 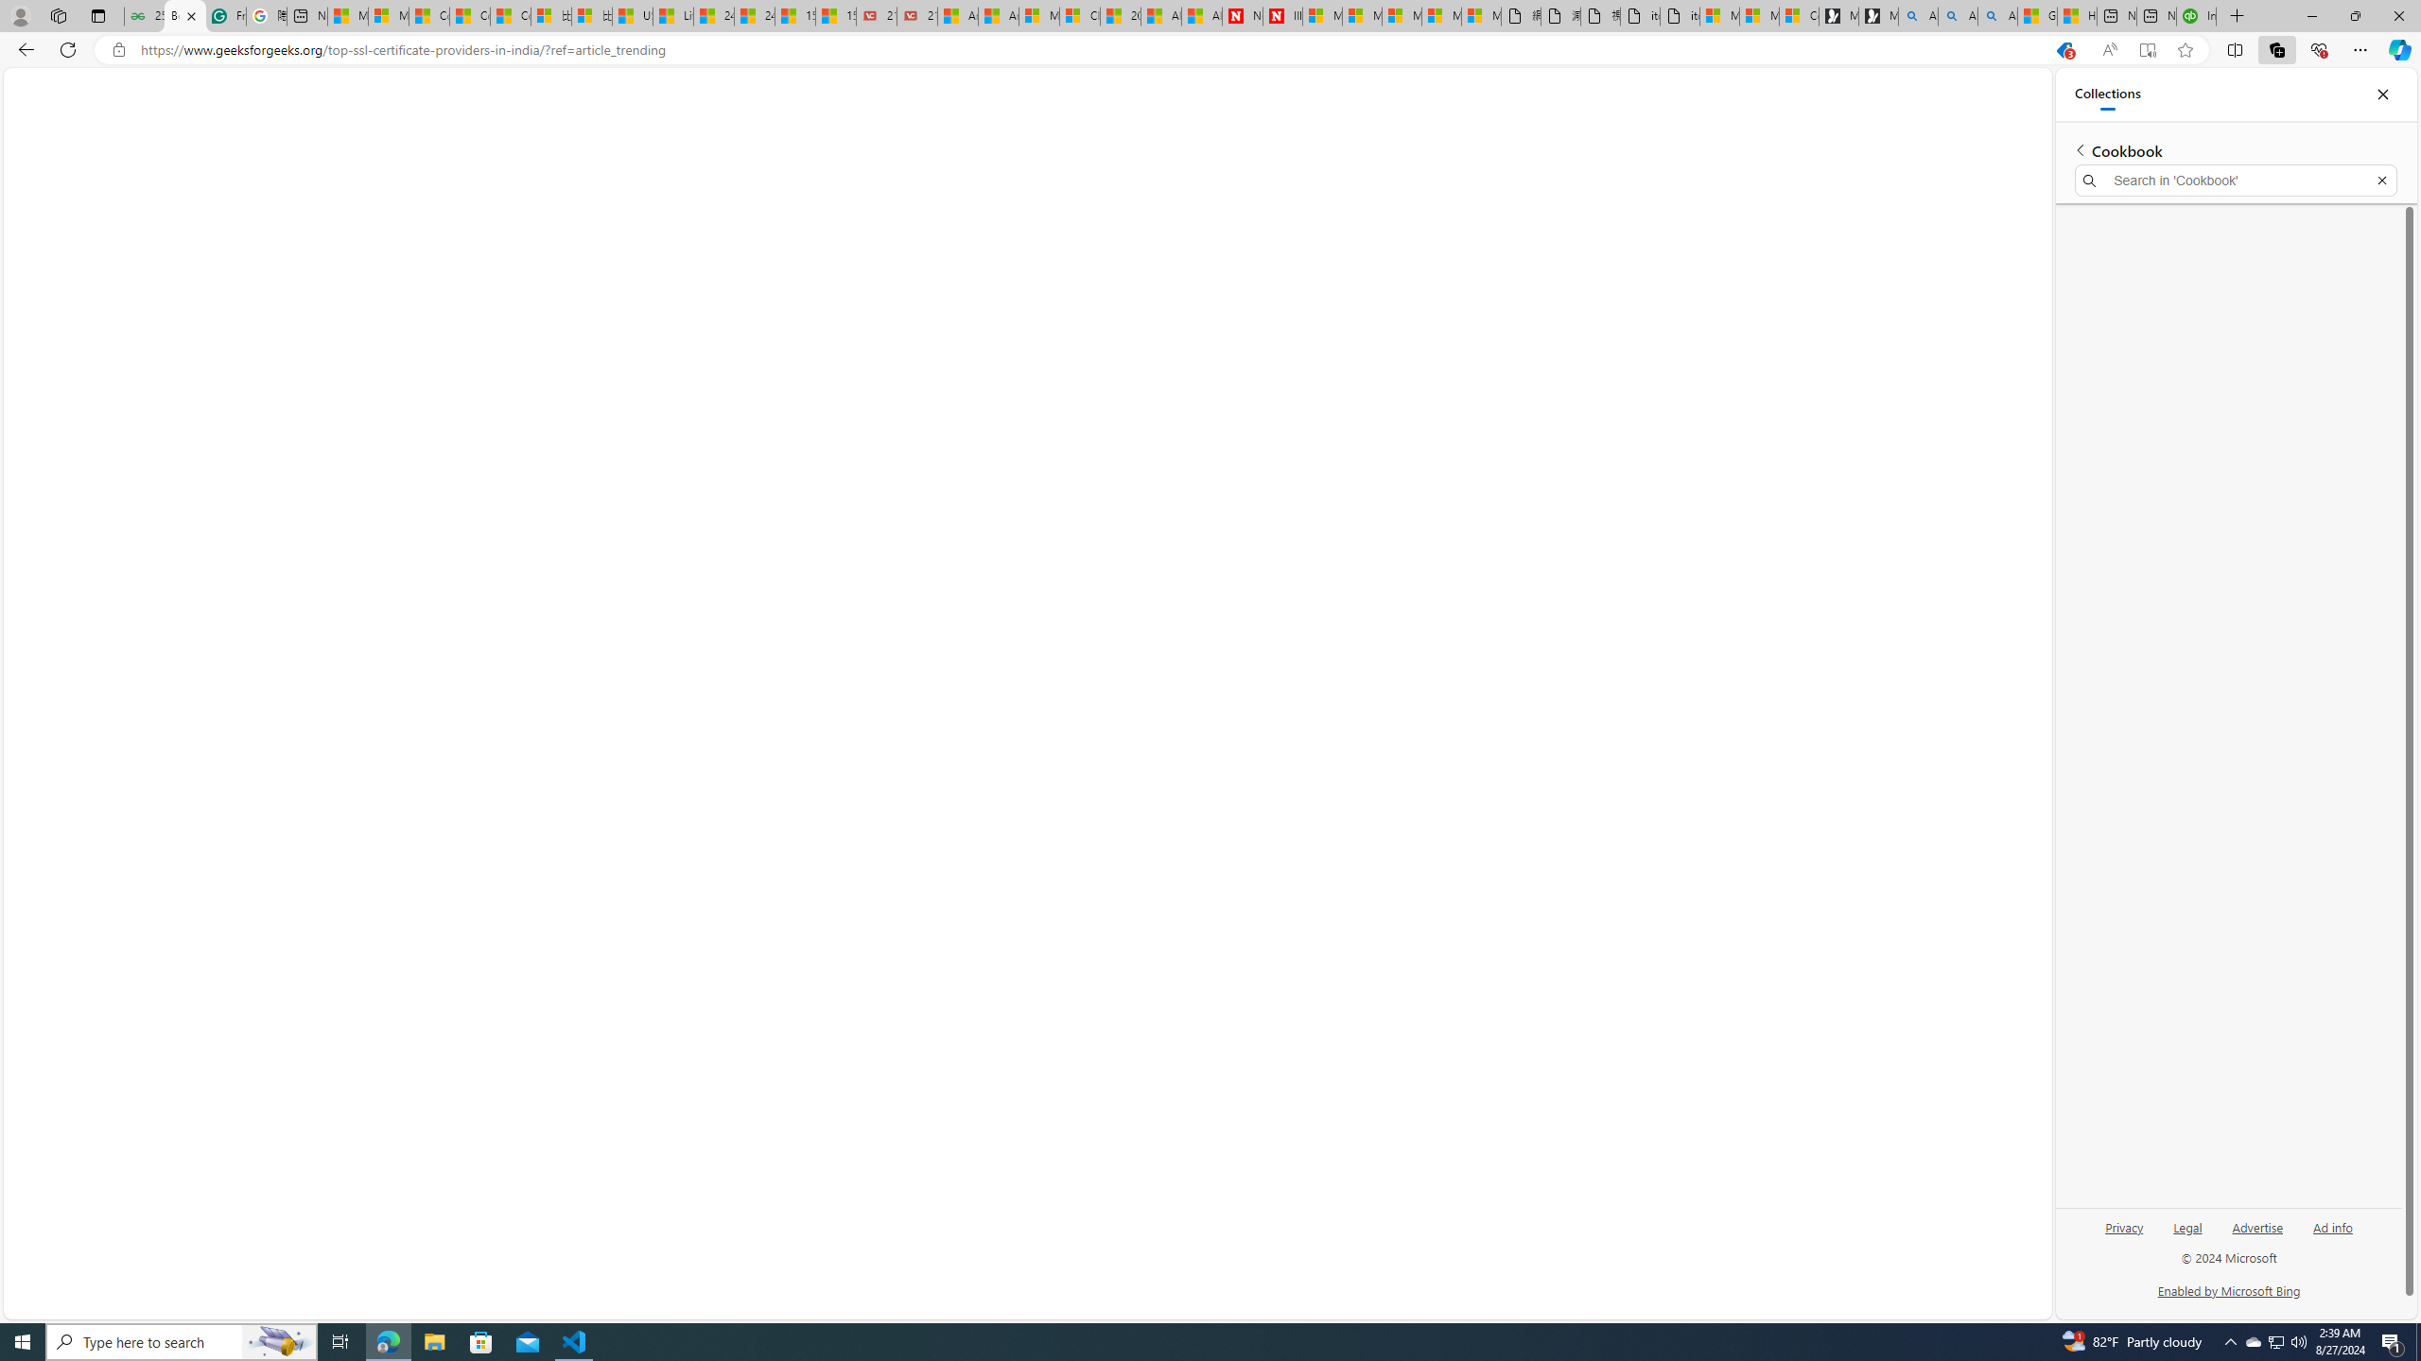 I want to click on 'Free AI Writing Assistance for Students | Grammarly', so click(x=226, y=15).